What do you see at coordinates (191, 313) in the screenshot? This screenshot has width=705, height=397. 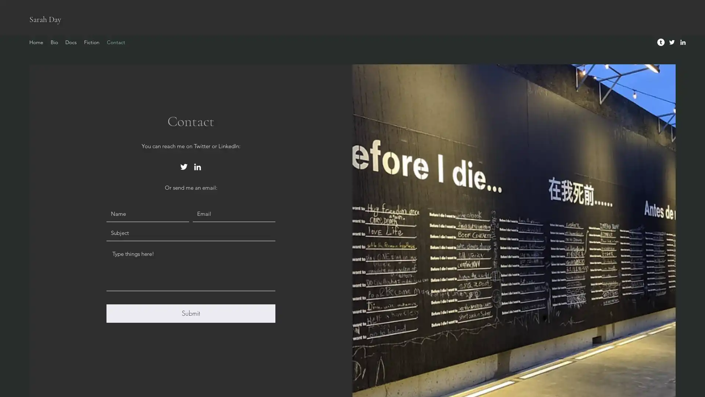 I see `Submit` at bounding box center [191, 313].